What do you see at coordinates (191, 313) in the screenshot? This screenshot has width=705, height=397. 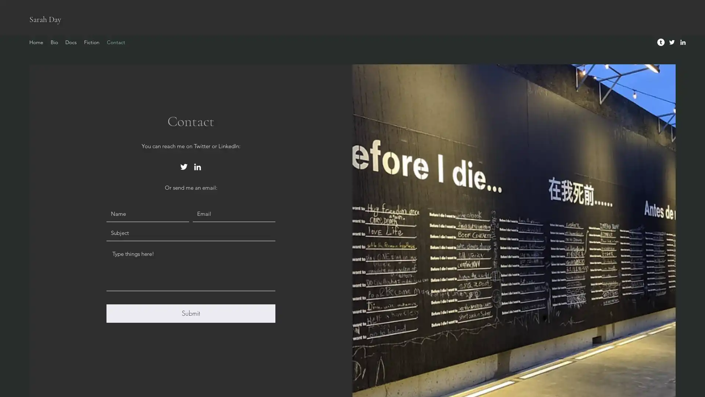 I see `Submit` at bounding box center [191, 313].